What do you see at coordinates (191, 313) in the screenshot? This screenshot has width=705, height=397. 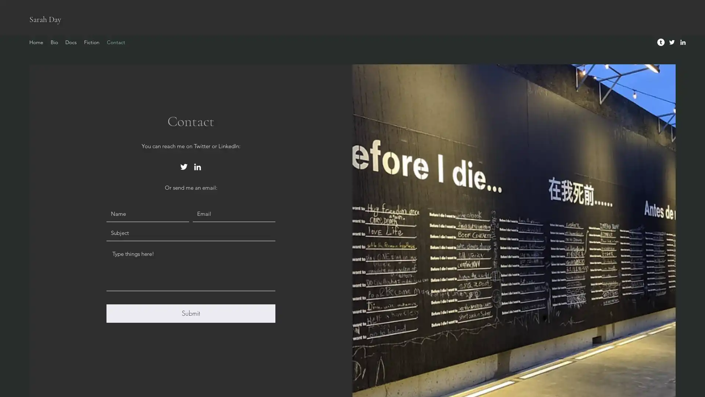 I see `Submit` at bounding box center [191, 313].